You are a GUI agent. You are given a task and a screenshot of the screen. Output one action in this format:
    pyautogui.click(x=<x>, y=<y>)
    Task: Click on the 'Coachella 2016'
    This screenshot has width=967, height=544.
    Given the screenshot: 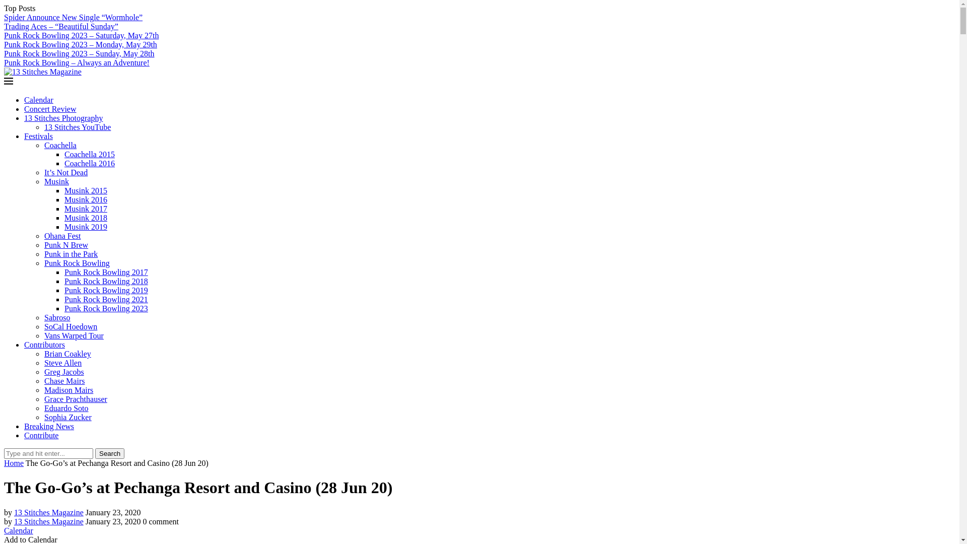 What is the action you would take?
    pyautogui.click(x=89, y=163)
    